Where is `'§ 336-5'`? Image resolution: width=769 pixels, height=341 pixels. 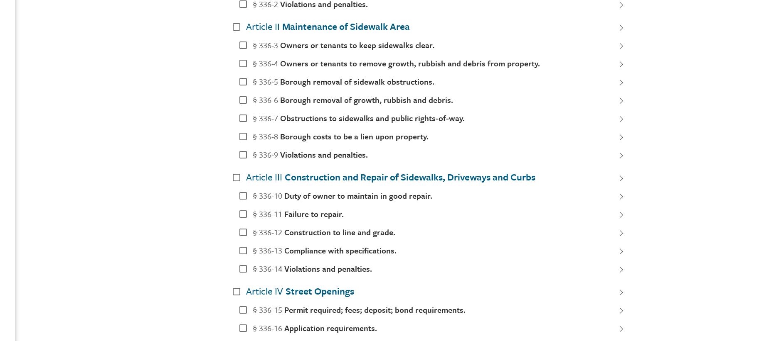 '§ 336-5' is located at coordinates (265, 80).